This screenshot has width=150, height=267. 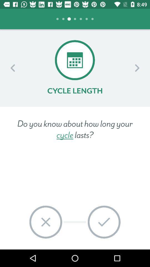 What do you see at coordinates (13, 68) in the screenshot?
I see `the arrow_backward icon` at bounding box center [13, 68].